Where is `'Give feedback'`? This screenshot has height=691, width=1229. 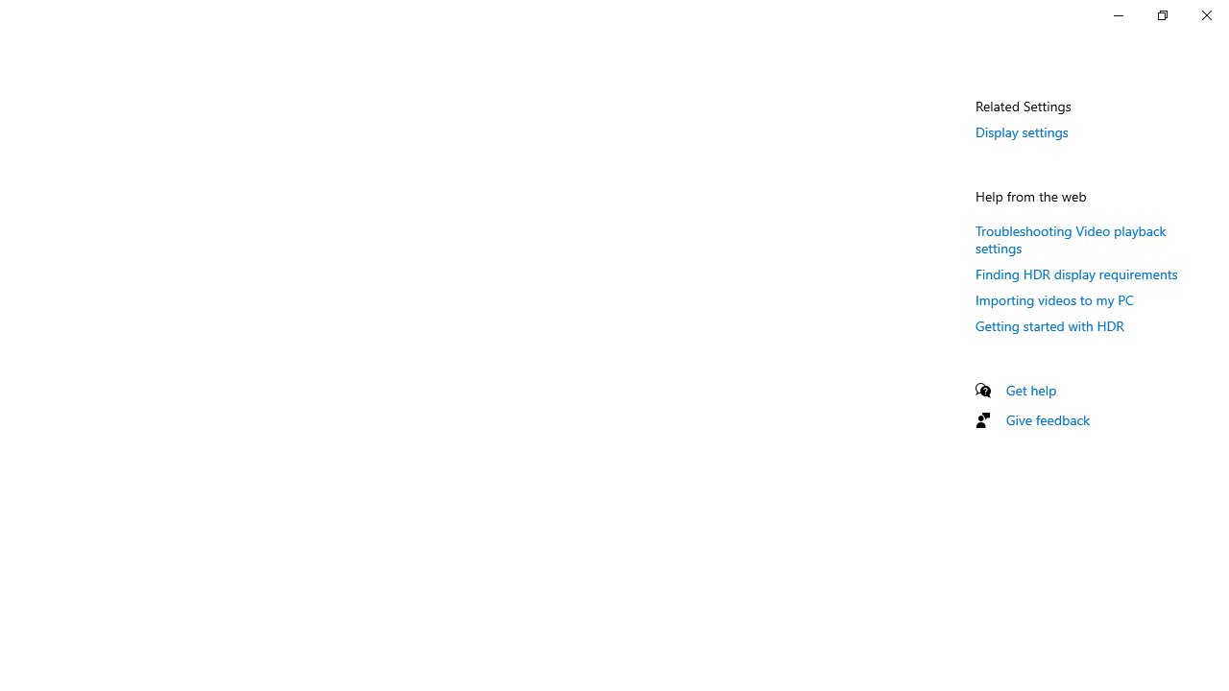
'Give feedback' is located at coordinates (1047, 418).